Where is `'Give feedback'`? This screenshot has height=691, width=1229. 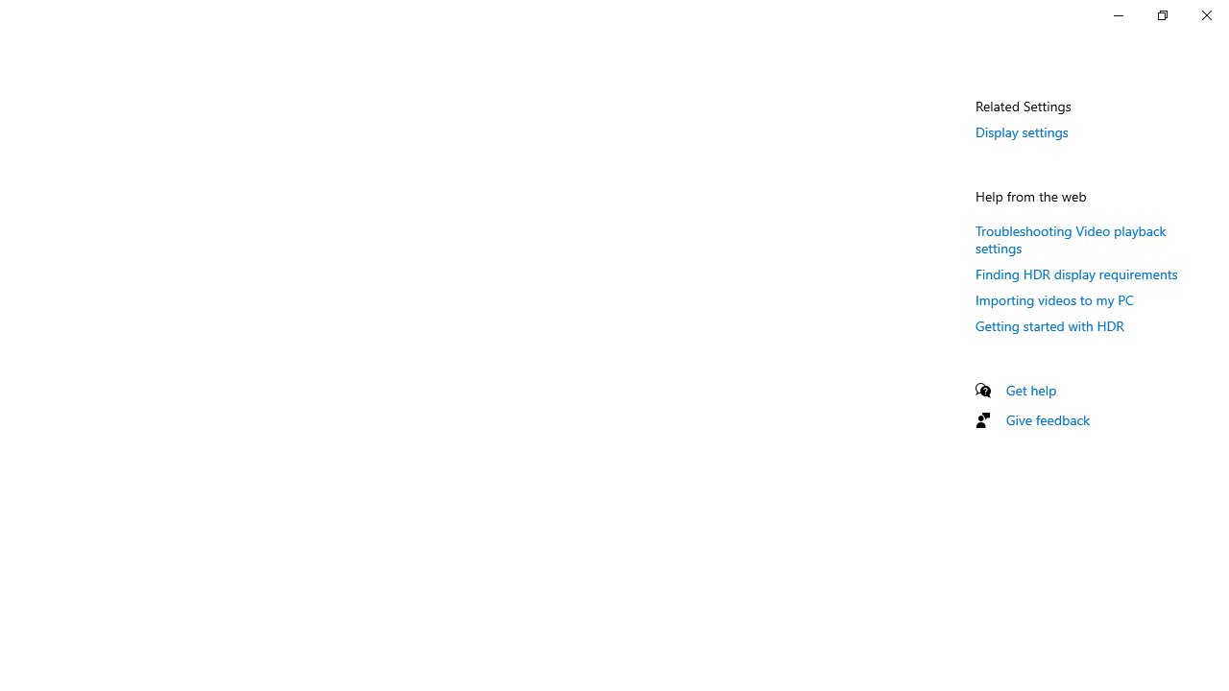
'Give feedback' is located at coordinates (1047, 418).